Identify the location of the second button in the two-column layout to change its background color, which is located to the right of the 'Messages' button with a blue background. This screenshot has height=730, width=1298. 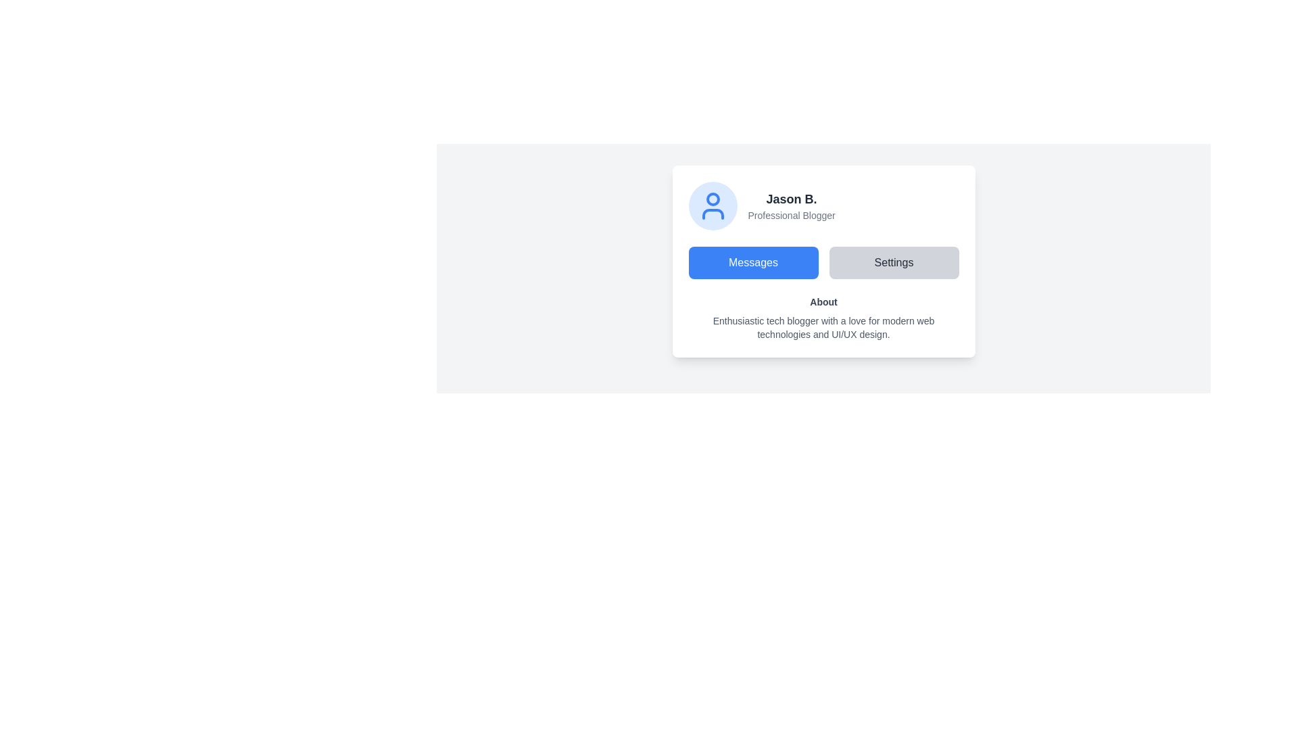
(894, 263).